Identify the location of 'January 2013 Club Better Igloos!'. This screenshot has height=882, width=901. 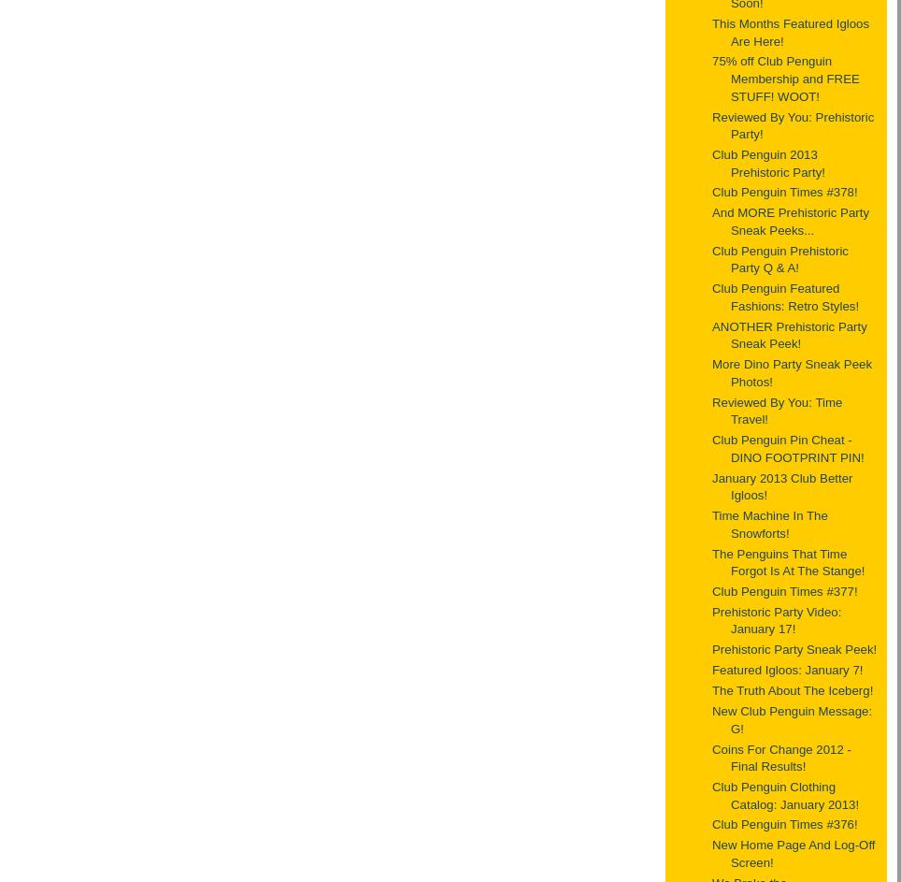
(711, 484).